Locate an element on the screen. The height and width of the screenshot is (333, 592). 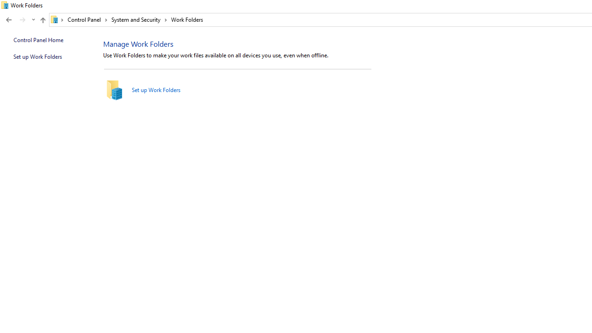
'Up to "System and Security" (Alt + Up Arrow)' is located at coordinates (42, 20).